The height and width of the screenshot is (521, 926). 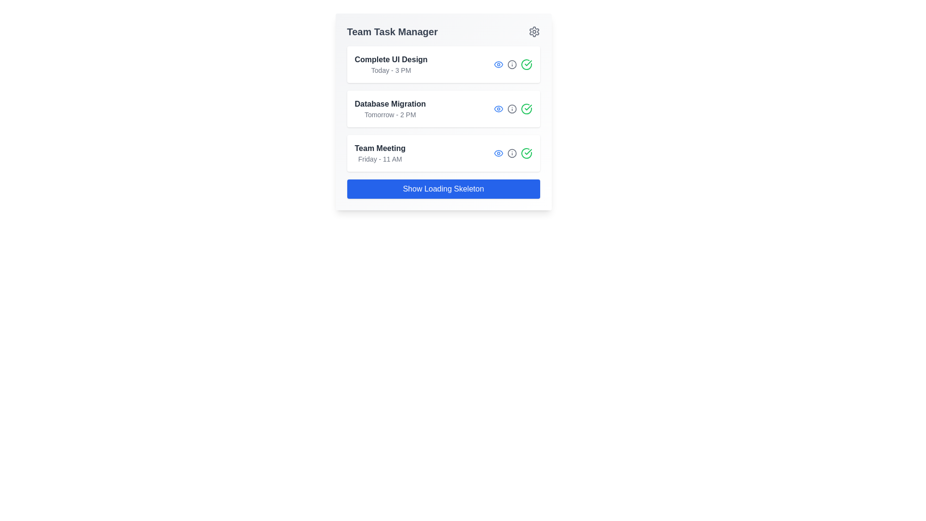 What do you see at coordinates (443, 109) in the screenshot?
I see `the icons associated with the task titled 'Database Migration' in the 'Team Task Manager' section` at bounding box center [443, 109].